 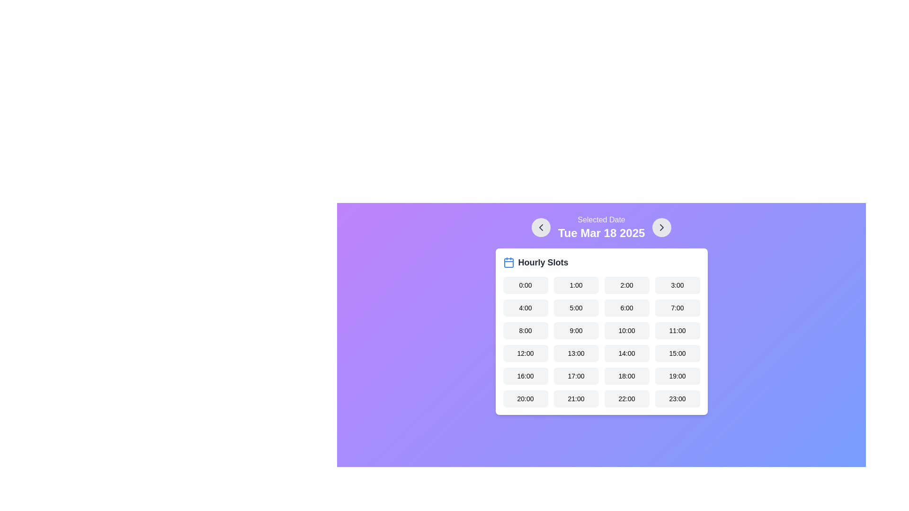 What do you see at coordinates (627, 353) in the screenshot?
I see `the button displaying '14:00'` at bounding box center [627, 353].